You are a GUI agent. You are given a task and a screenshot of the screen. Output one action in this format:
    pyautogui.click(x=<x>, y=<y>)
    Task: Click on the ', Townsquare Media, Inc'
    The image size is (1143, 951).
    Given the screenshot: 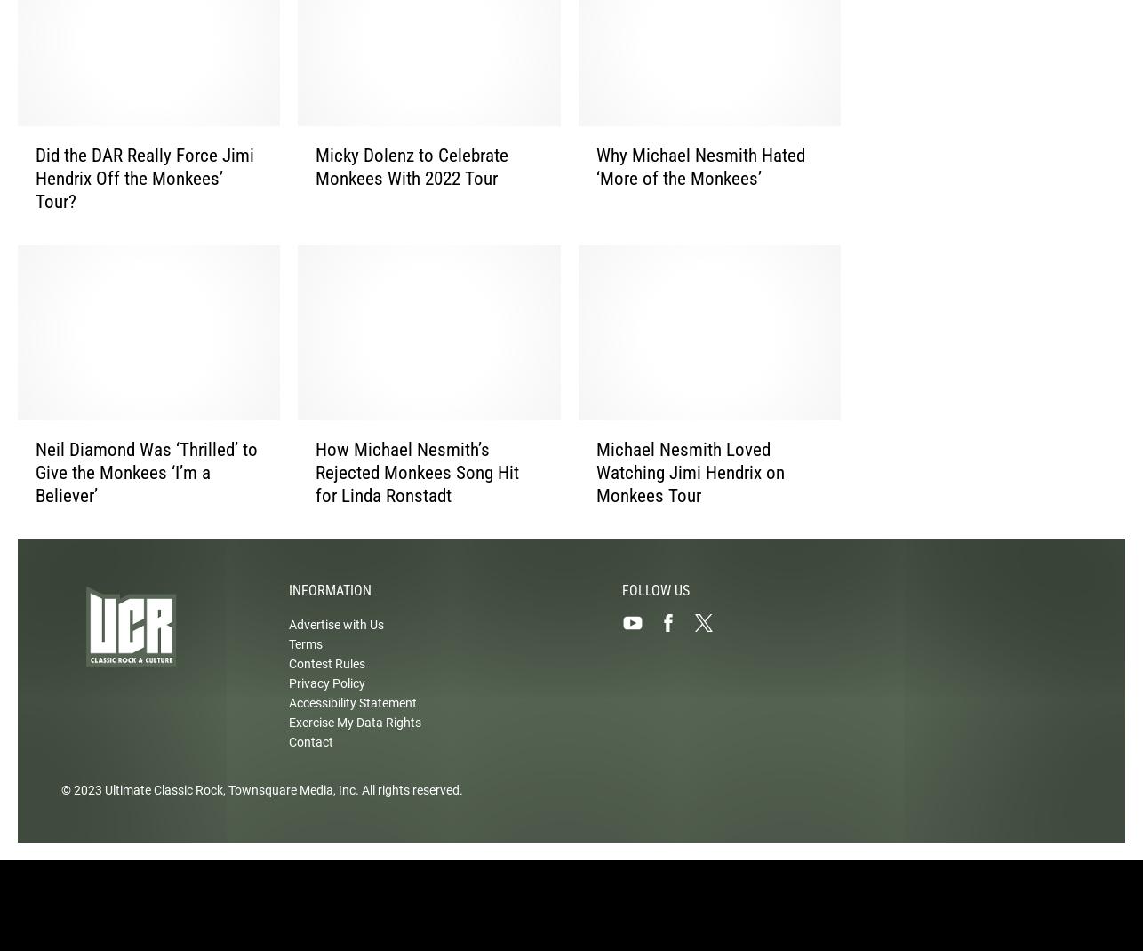 What is the action you would take?
    pyautogui.click(x=288, y=803)
    